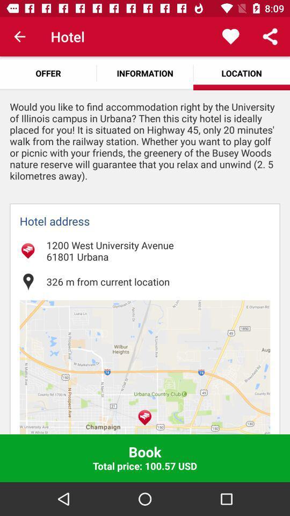 This screenshot has height=516, width=290. I want to click on the icon below the 326 m from, so click(145, 367).